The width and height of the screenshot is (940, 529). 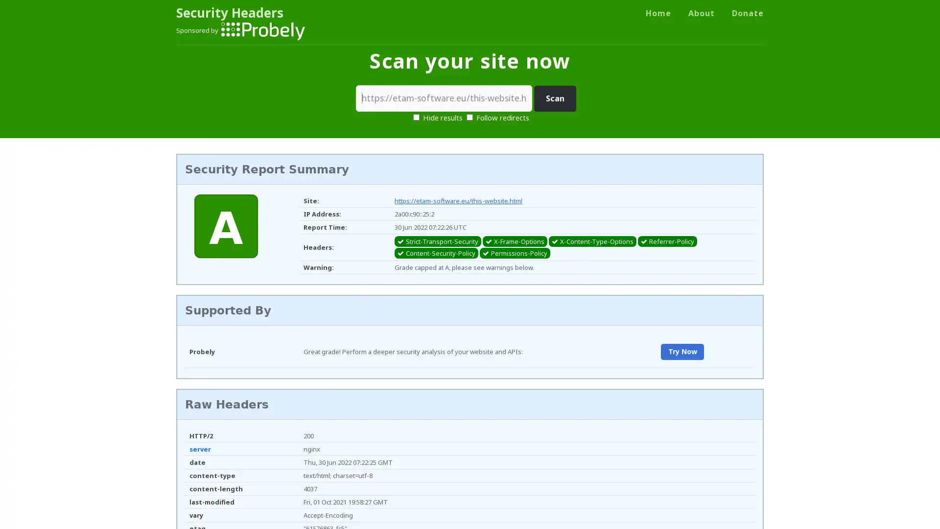 I want to click on Try Now, so click(x=681, y=351).